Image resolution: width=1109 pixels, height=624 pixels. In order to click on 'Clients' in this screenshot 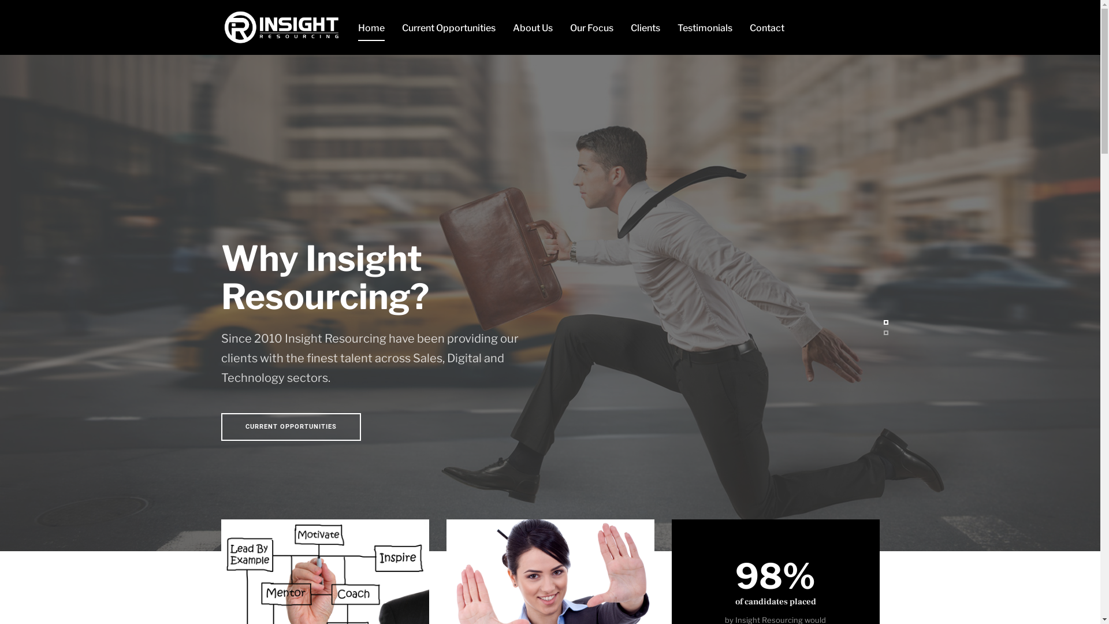, I will do `click(630, 27)`.